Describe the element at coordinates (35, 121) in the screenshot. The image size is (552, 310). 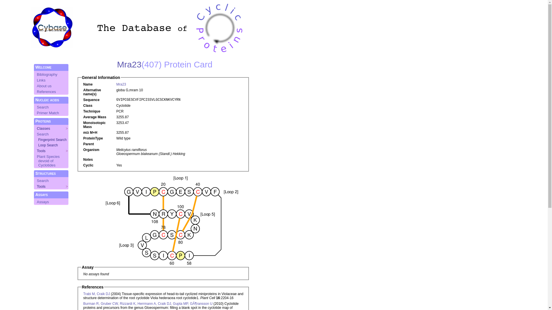
I see `'Proteins'` at that location.